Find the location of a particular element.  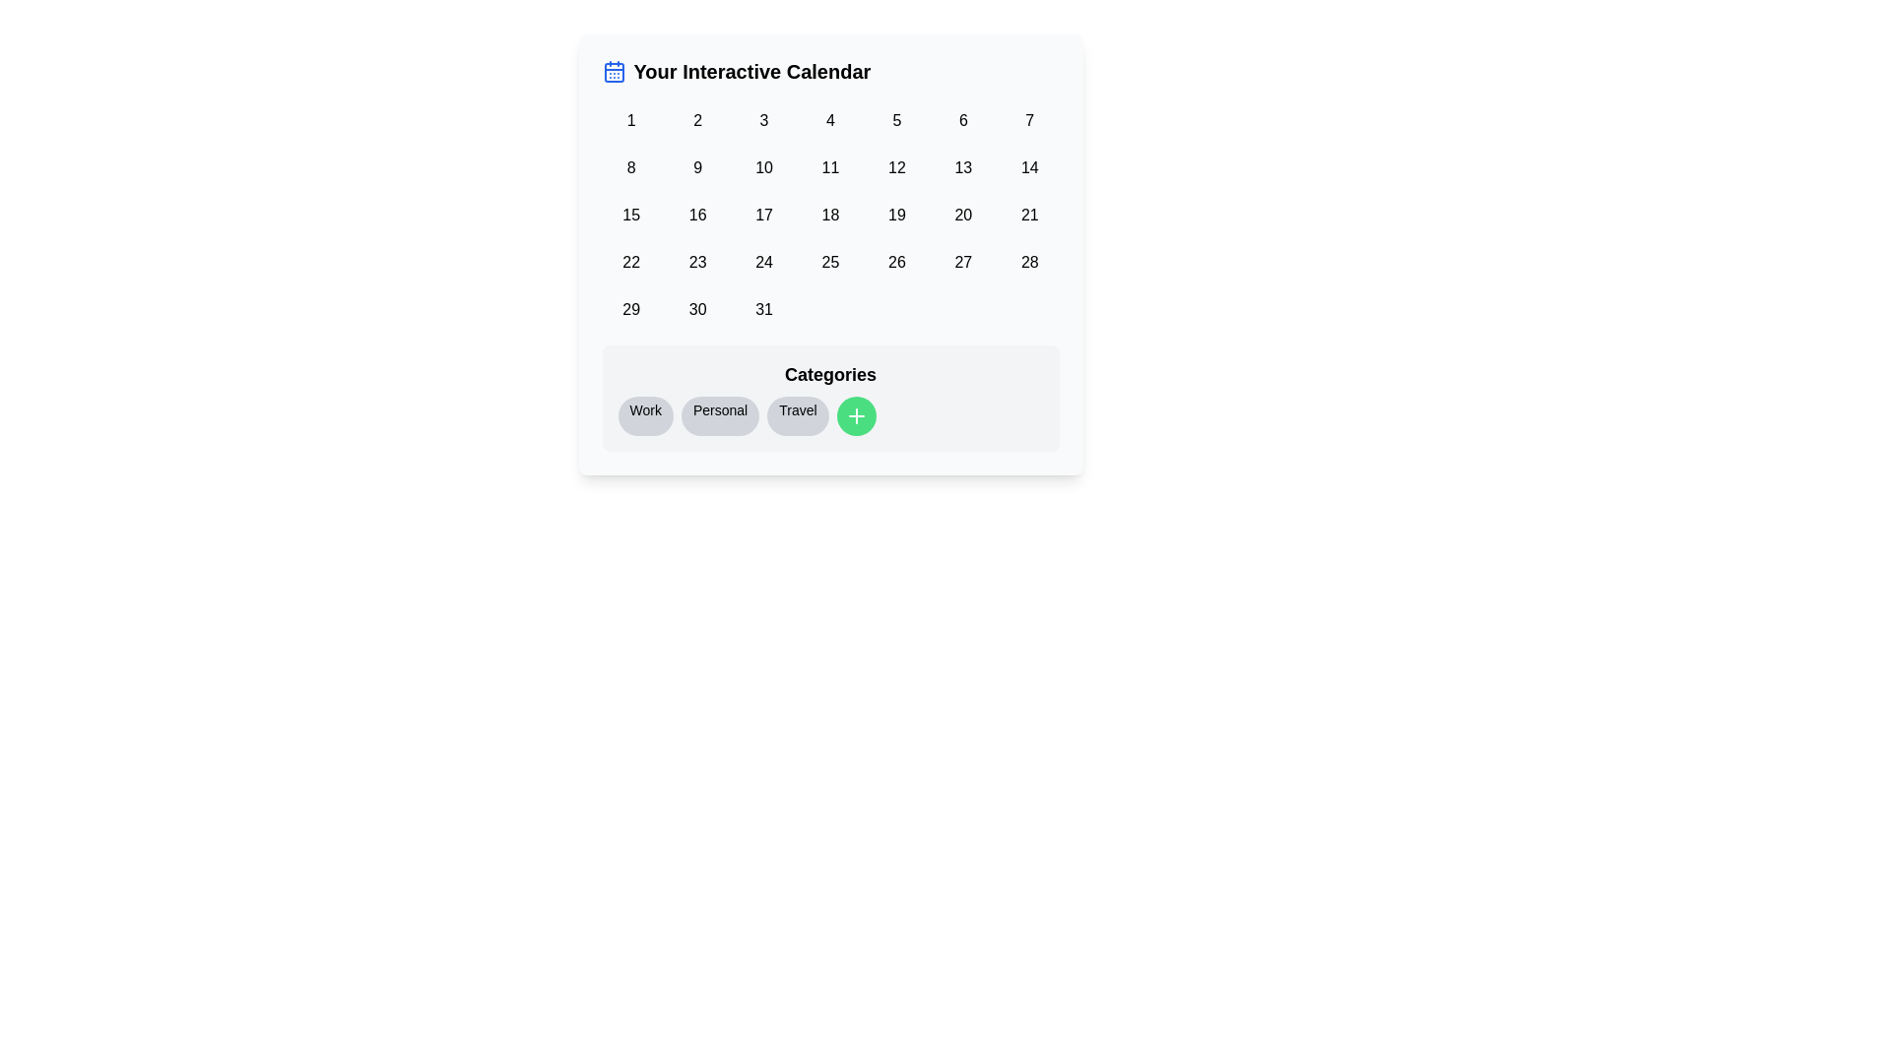

the 'Personal' badge, which is the second badge in the horizontal row of category labels under the 'Categories' section is located at coordinates (719, 415).